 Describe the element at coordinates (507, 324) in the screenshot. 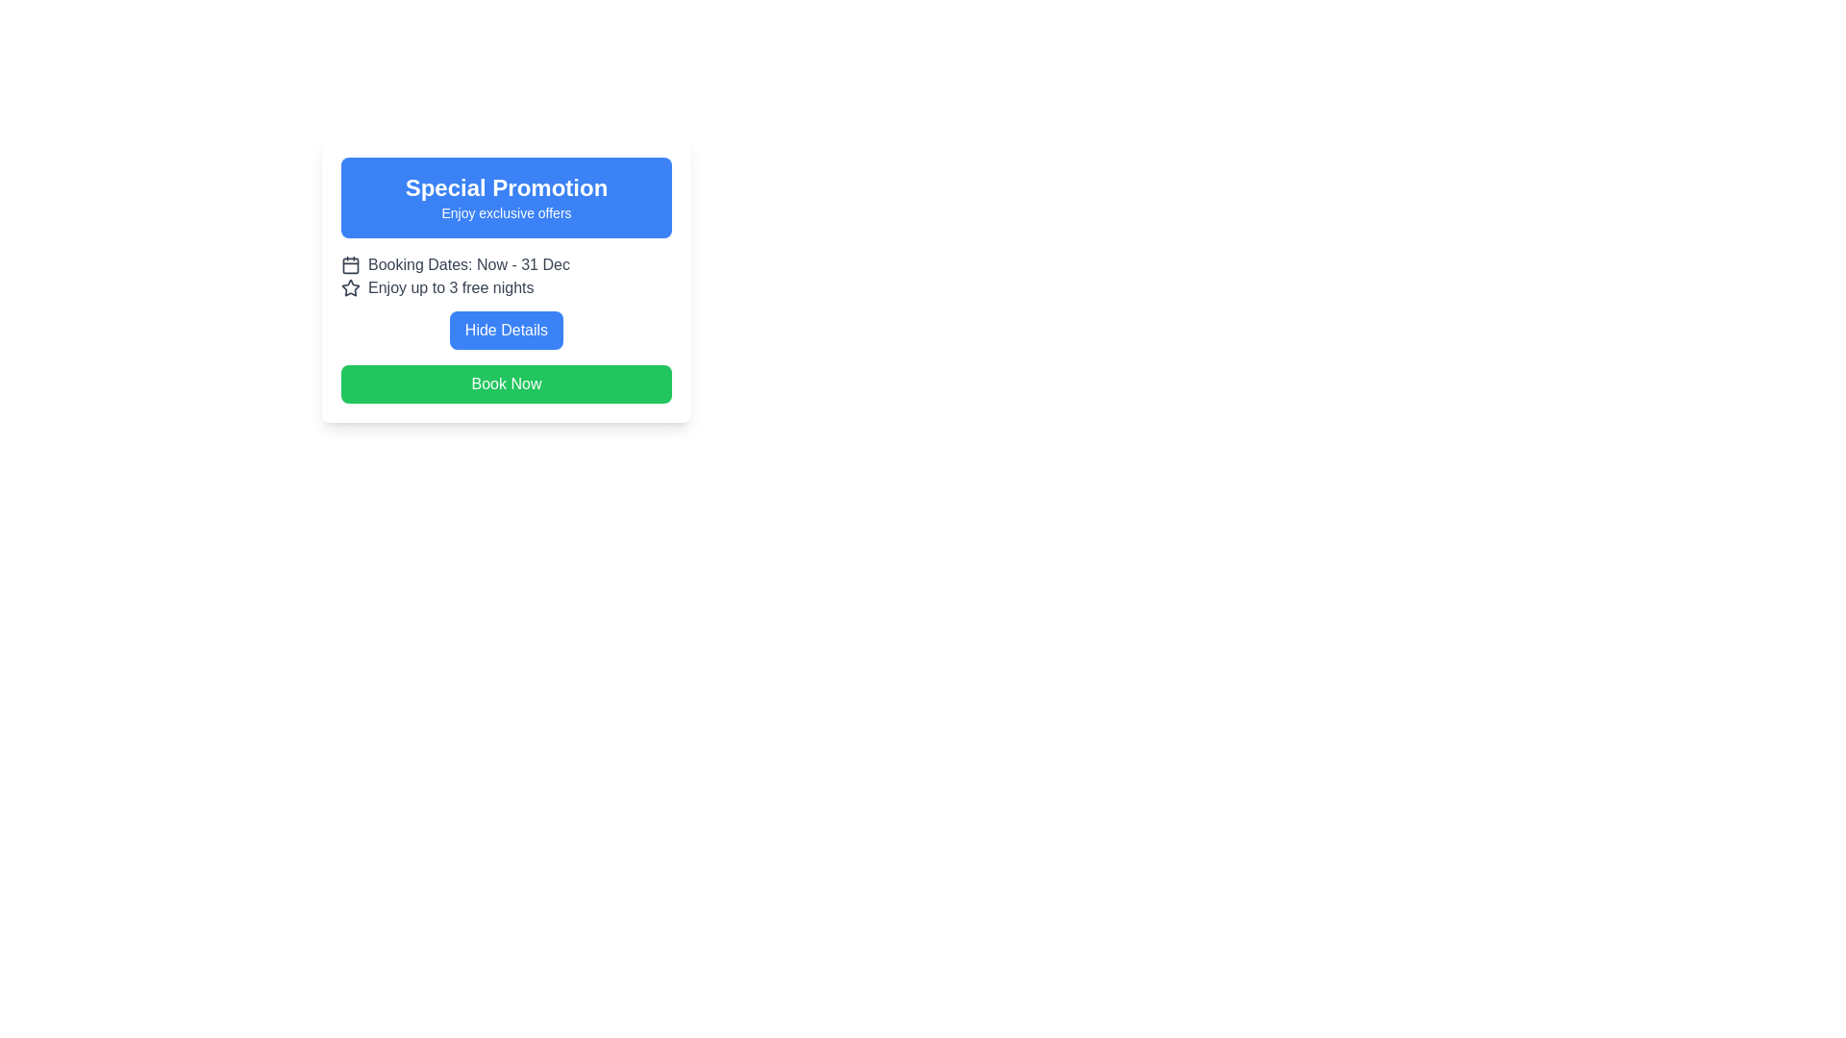

I see `the collapse button located below the text 'Enjoy up to 3 free nights' and above the 'Book Now' button to observe the style change` at that location.